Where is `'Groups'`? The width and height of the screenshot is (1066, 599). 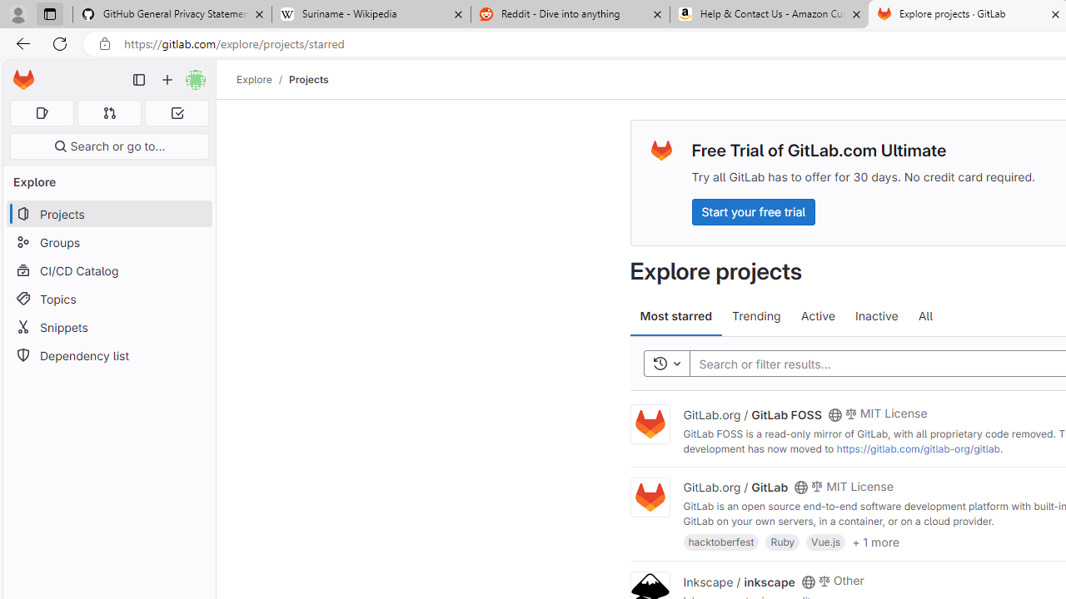
'Groups' is located at coordinates (108, 242).